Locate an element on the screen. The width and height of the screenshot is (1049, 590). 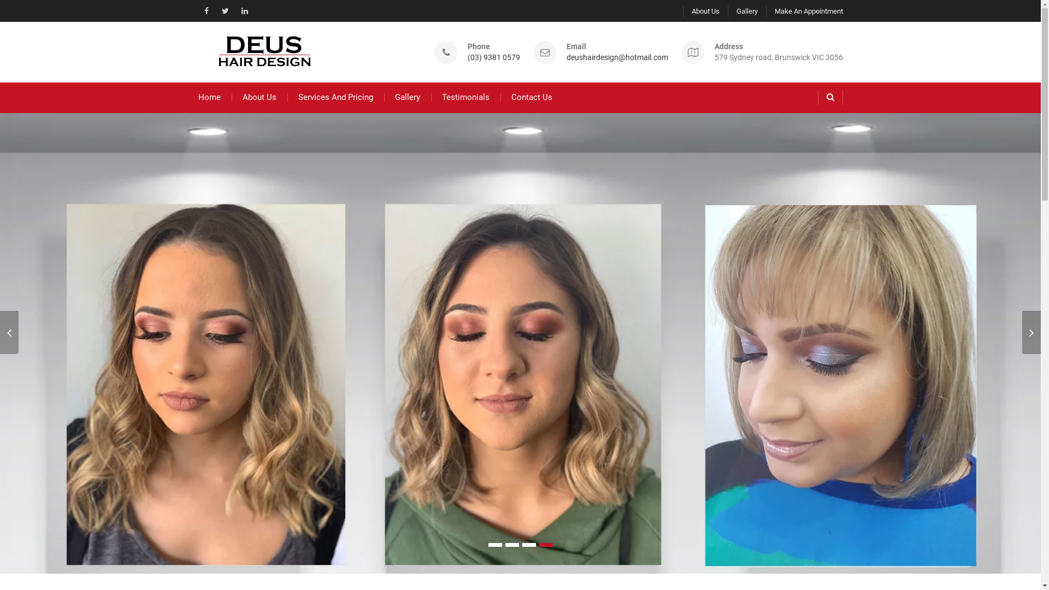
'Facebook' is located at coordinates (206, 10).